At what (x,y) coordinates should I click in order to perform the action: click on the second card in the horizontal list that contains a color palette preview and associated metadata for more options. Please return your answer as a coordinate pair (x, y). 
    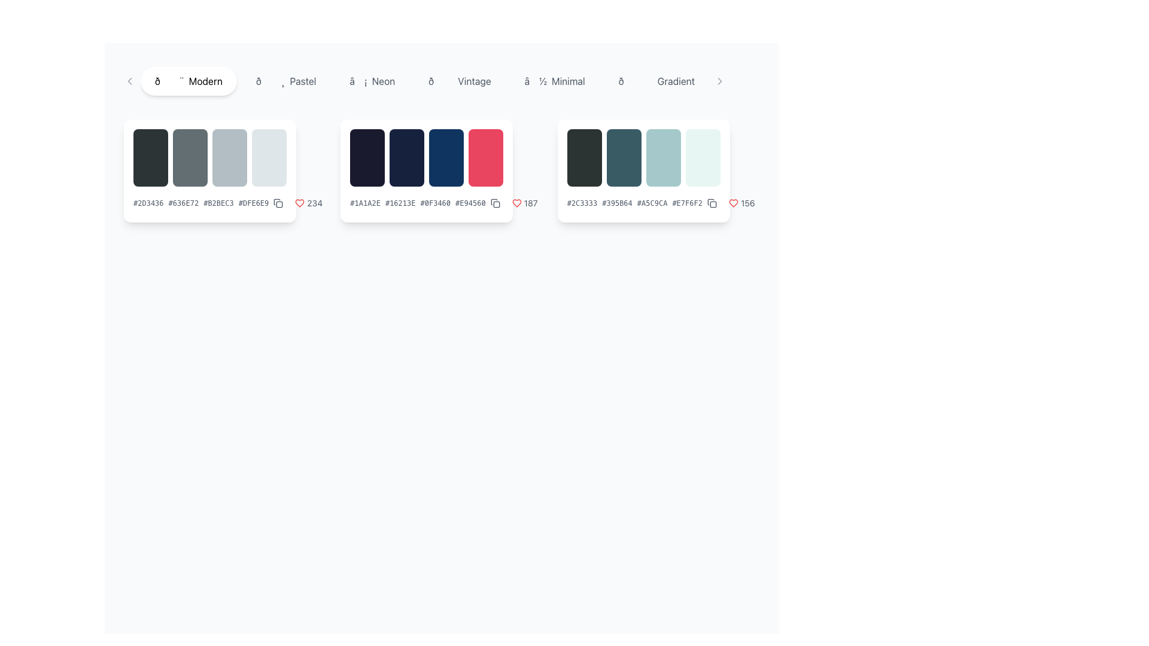
    Looking at the image, I should click on (427, 170).